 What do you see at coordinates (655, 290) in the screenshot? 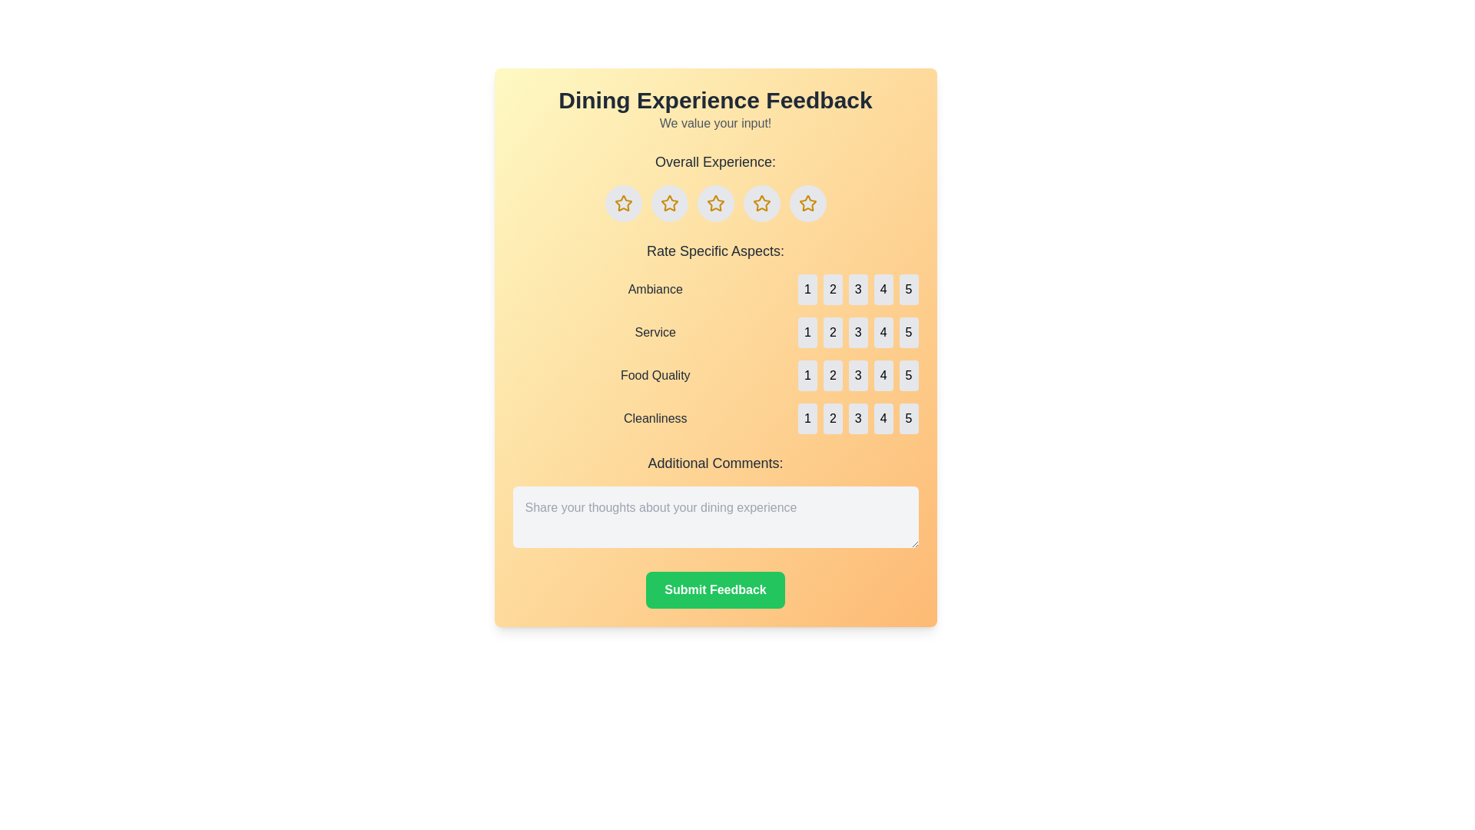
I see `the 'Ambiance' label located in the 'Rate Specific Aspects' section of the 'Dining Experience Feedback' area, which is the first label among others such as 'Service', 'Food Quality', and 'Cleanliness'` at bounding box center [655, 290].